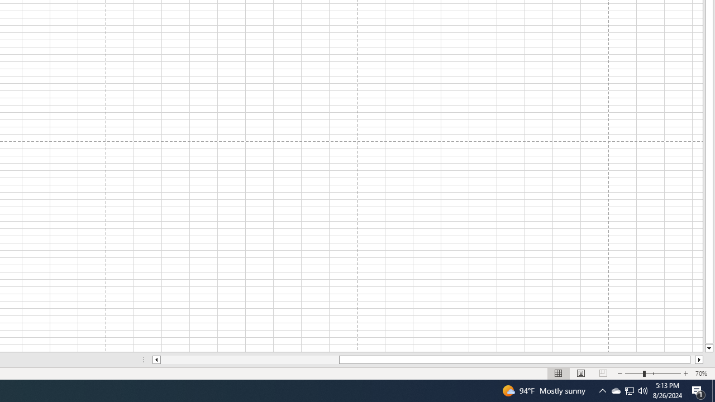 Image resolution: width=715 pixels, height=402 pixels. What do you see at coordinates (249, 360) in the screenshot?
I see `'Page left'` at bounding box center [249, 360].